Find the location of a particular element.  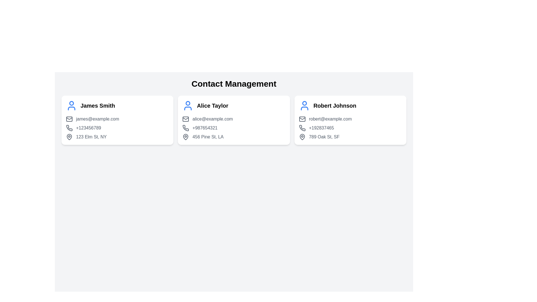

the phone icon located under the 'James Smith' contact section, which features a minimalistic SVG design with rounded edges is located at coordinates (69, 128).